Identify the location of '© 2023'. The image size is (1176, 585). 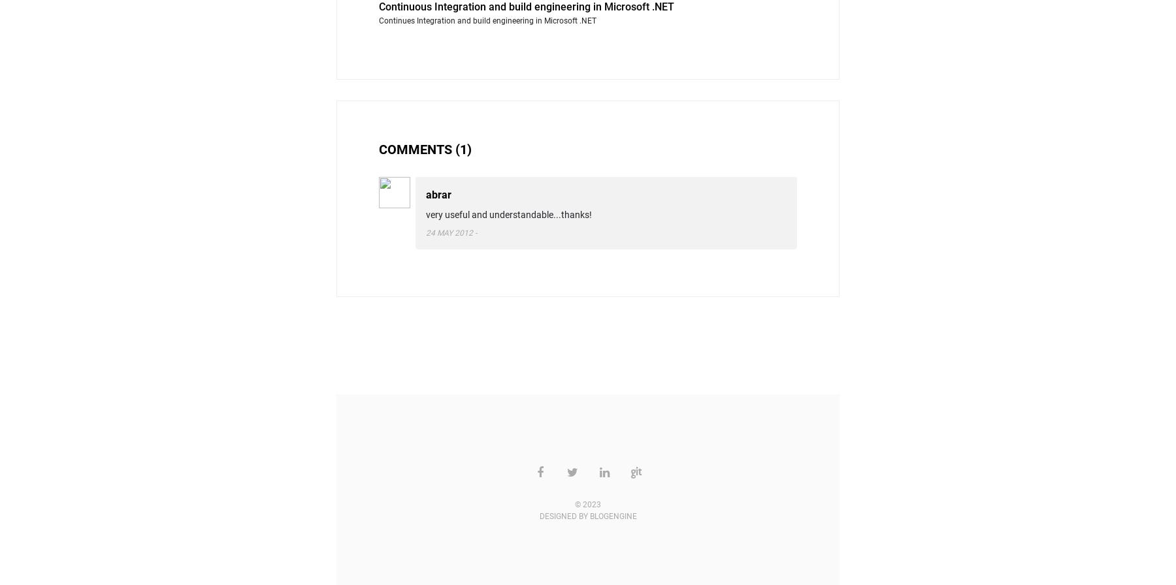
(588, 503).